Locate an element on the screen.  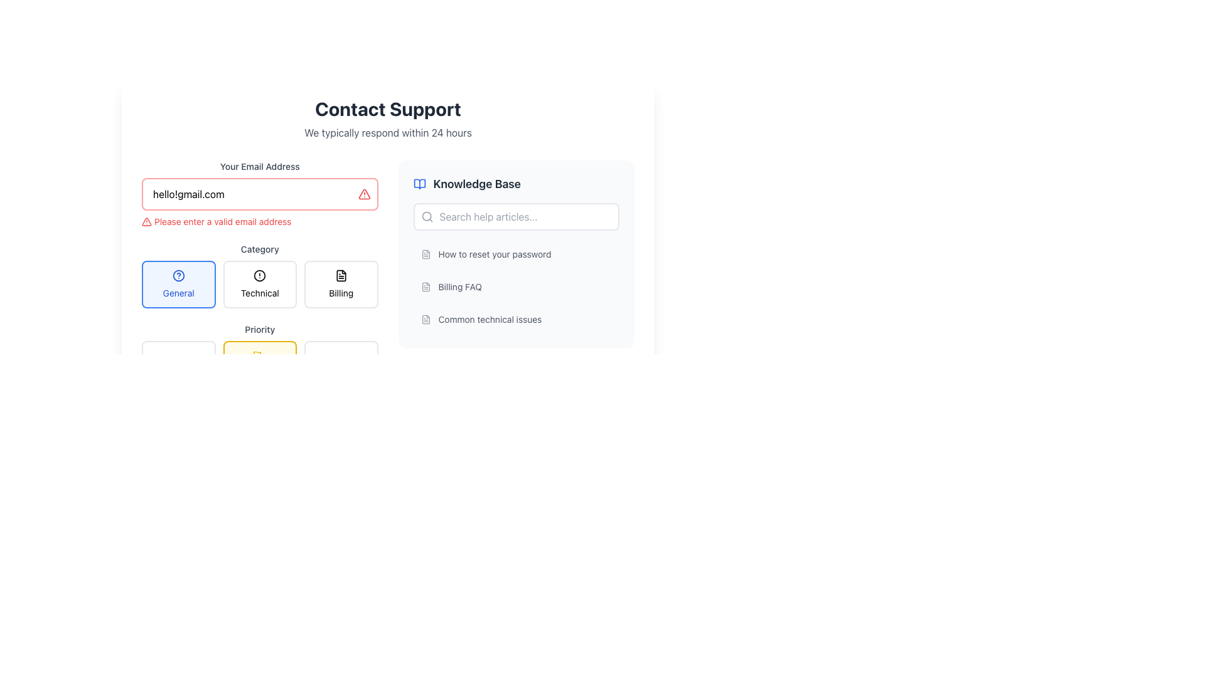
the 'Contact Support' header text element, which is bold and large with a dark gray font, located at the top section of the page is located at coordinates (387, 108).